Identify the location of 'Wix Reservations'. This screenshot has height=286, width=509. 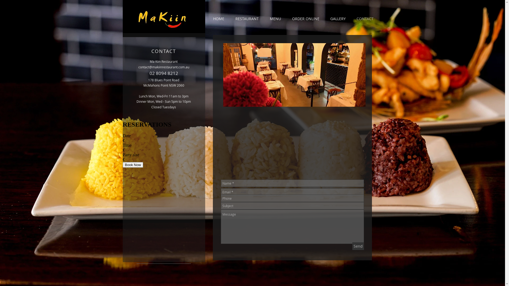
(163, 161).